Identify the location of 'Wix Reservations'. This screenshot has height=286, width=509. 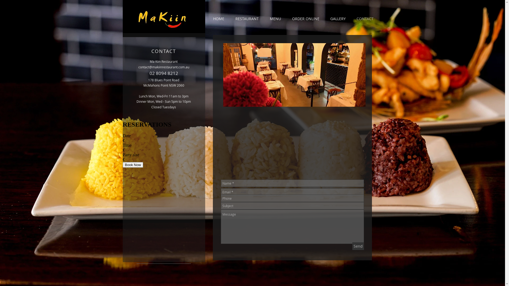
(163, 161).